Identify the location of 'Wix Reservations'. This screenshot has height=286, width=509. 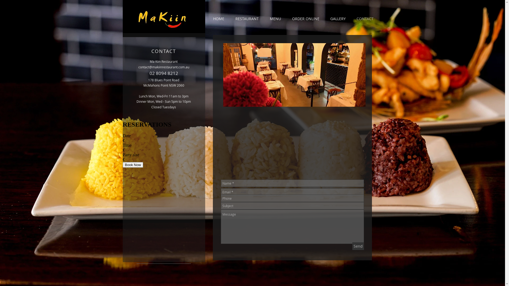
(163, 161).